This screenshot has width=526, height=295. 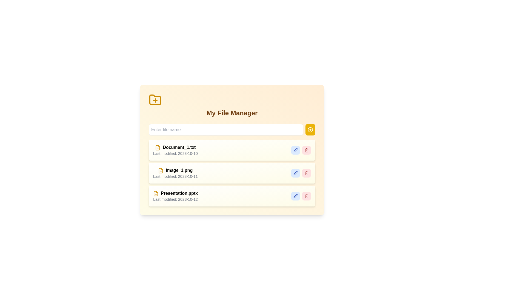 I want to click on the third list item in the file manager, which displays 'Presentation.pptx' as the title and 'Last modified: 2023-10-12' as the subtitle, so click(x=232, y=196).